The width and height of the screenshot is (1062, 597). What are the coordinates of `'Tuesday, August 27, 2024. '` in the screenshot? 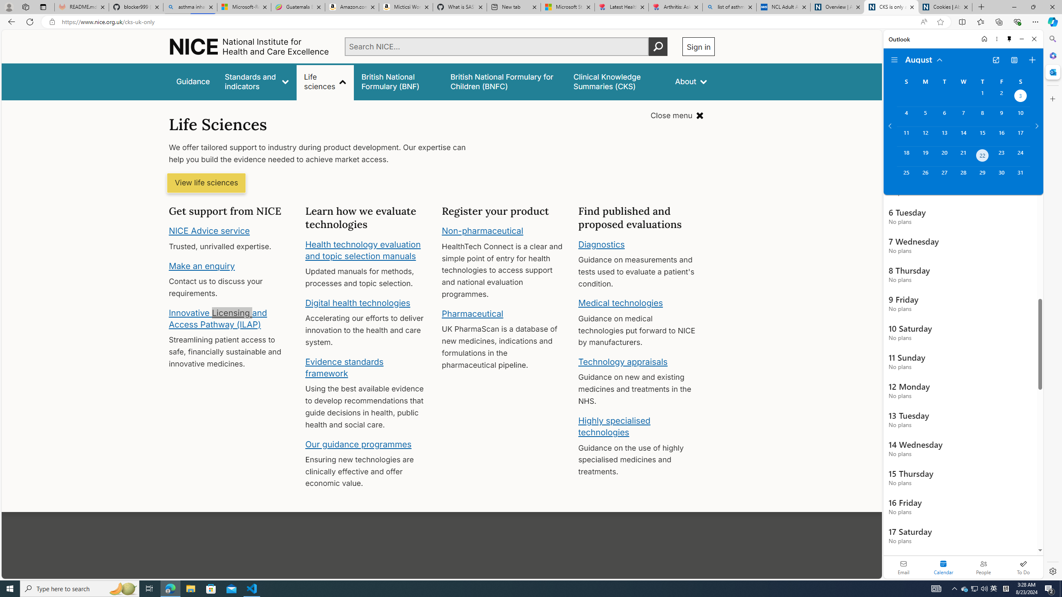 It's located at (943, 176).